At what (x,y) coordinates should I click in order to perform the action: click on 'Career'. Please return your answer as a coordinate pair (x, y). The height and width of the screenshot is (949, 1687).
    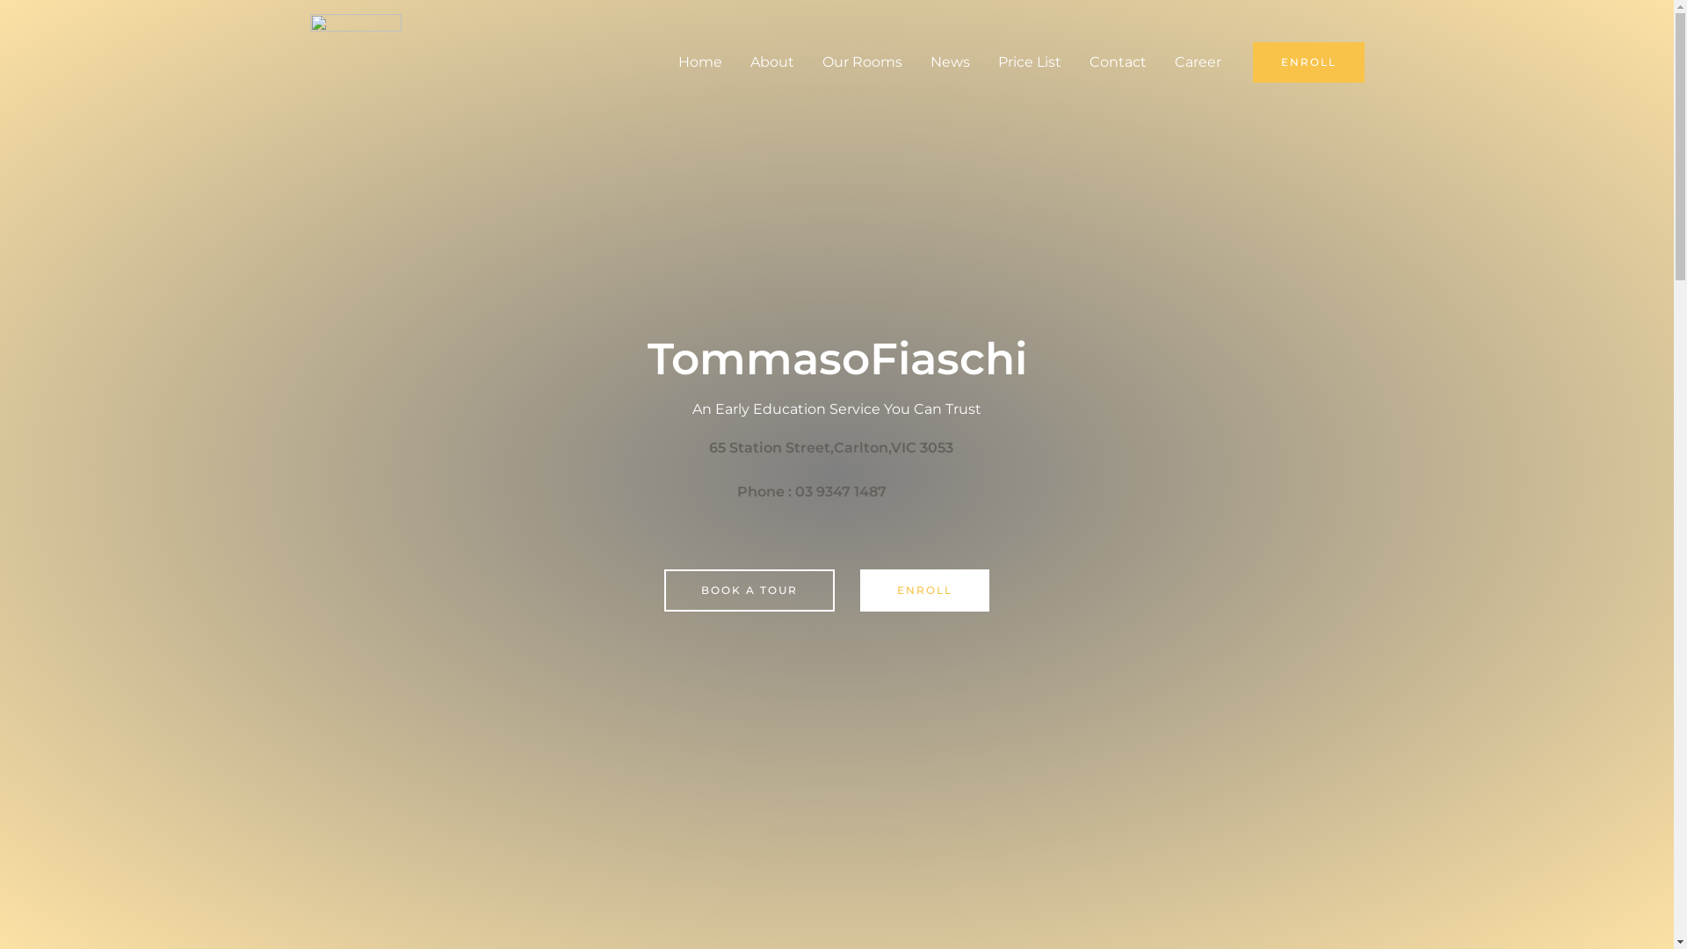
    Looking at the image, I should click on (1196, 61).